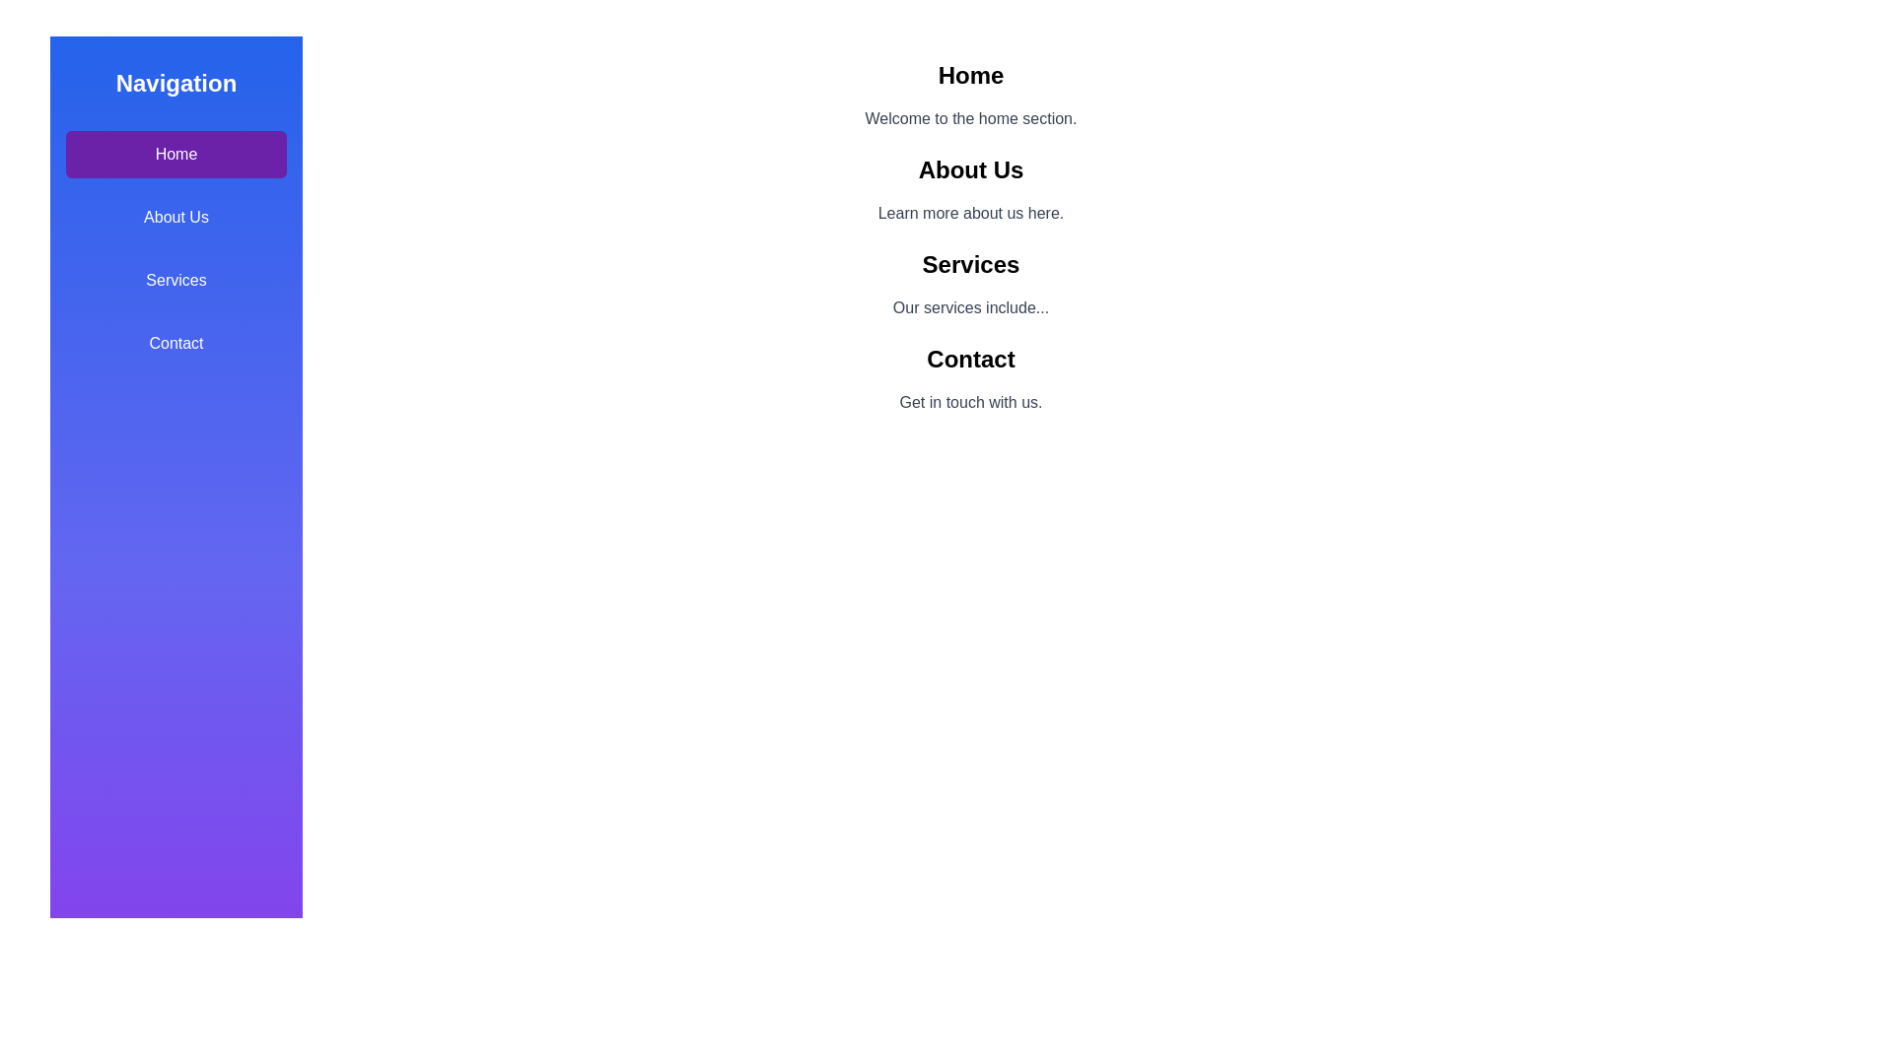  Describe the element at coordinates (175, 82) in the screenshot. I see `the text header labeled 'Navigation', which is styled in bold and large font, located at the top of the sidebar with a blue background gradient` at that location.